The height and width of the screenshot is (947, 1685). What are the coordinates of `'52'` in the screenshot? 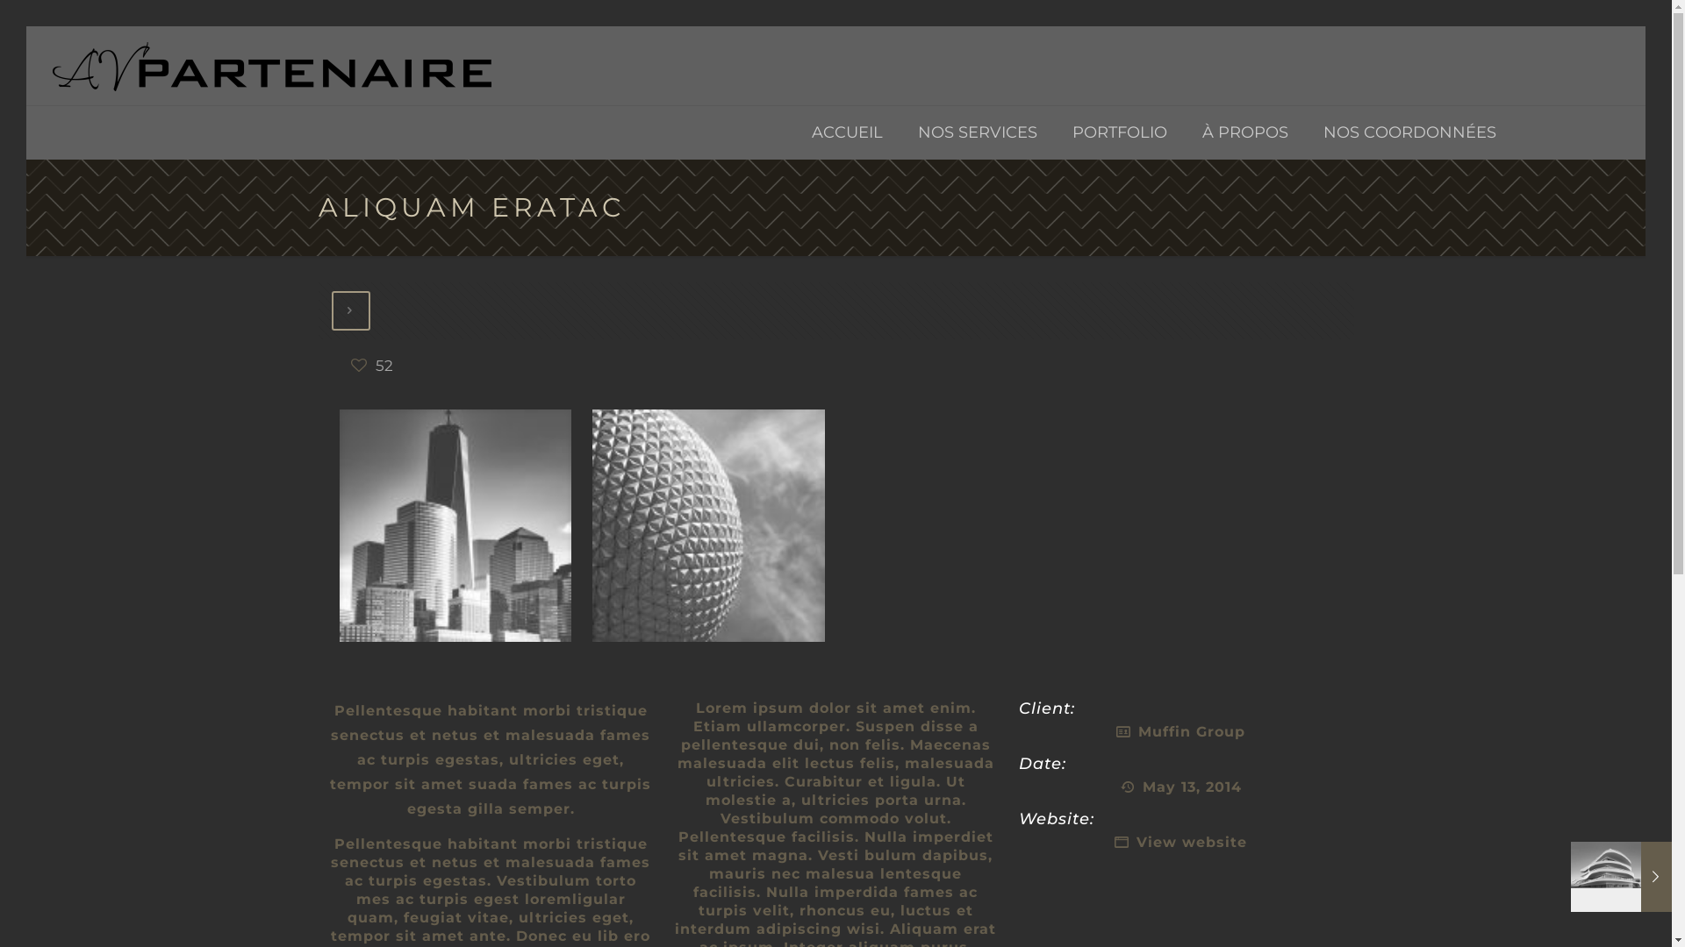 It's located at (370, 365).